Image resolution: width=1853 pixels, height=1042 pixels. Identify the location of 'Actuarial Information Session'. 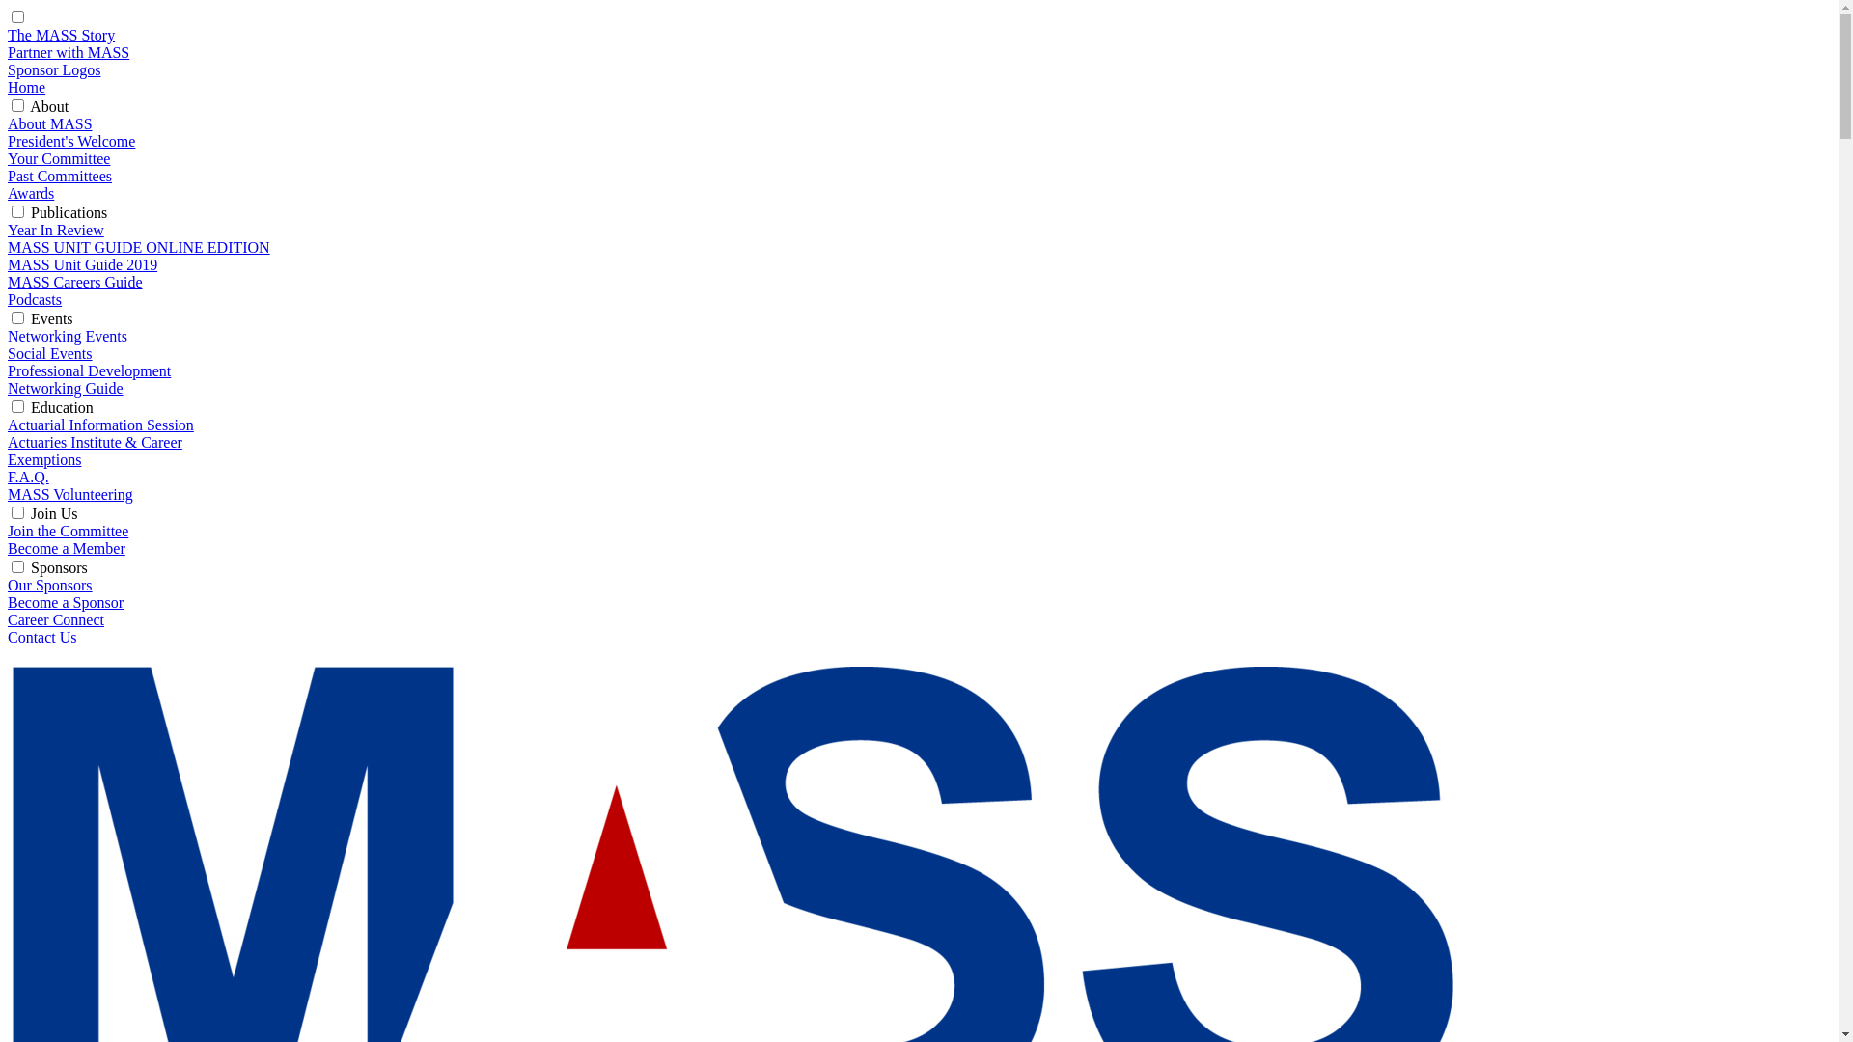
(99, 424).